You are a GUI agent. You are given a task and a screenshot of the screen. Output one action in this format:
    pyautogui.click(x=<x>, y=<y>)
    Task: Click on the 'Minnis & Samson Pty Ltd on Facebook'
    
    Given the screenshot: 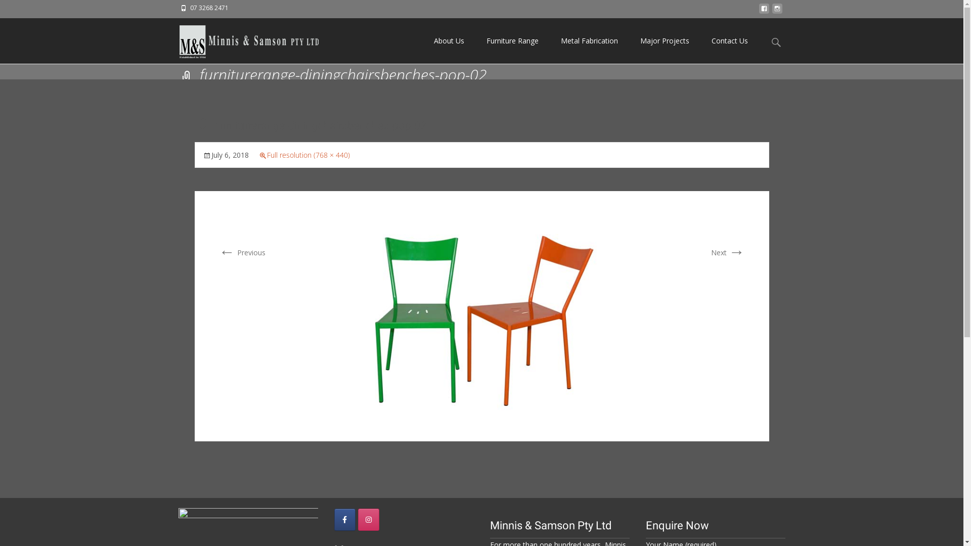 What is the action you would take?
    pyautogui.click(x=344, y=520)
    